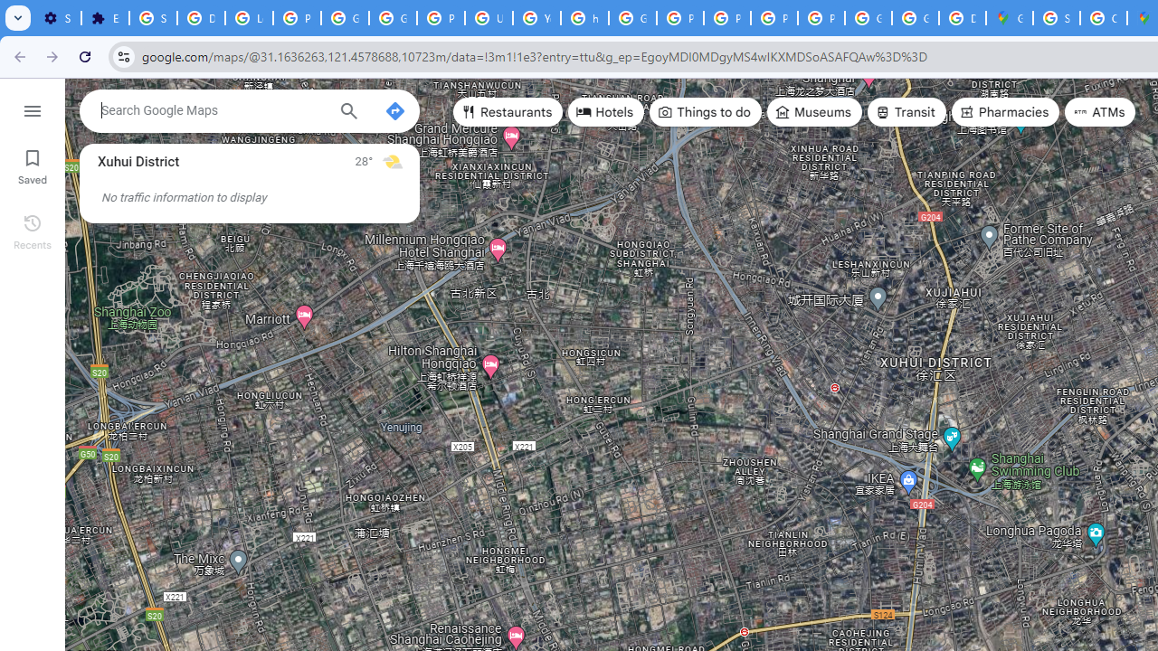 This screenshot has height=651, width=1158. Describe the element at coordinates (584, 18) in the screenshot. I see `'https://scholar.google.com/'` at that location.